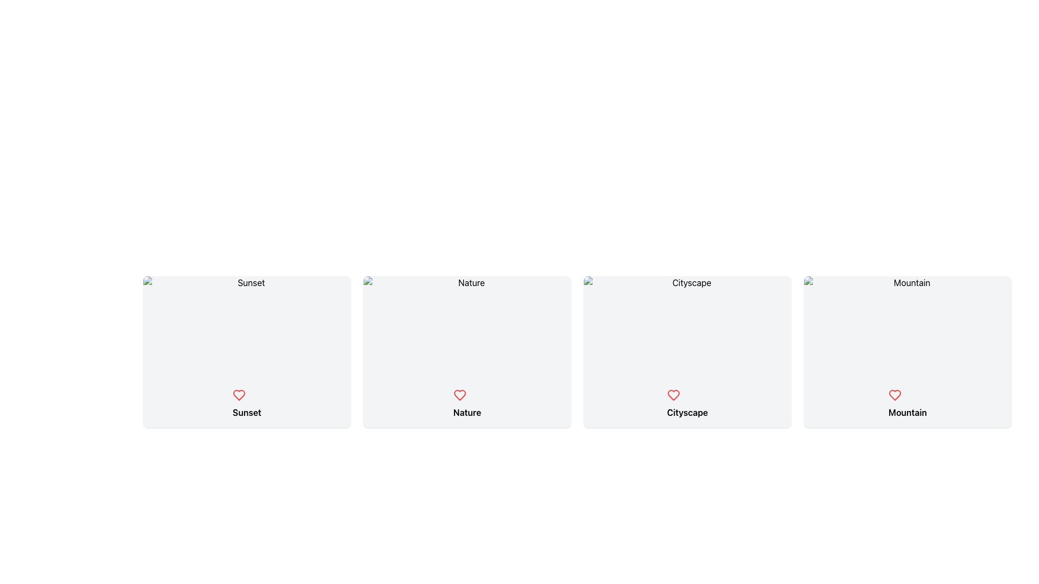 This screenshot has width=1039, height=584. I want to click on the 'Nature' card component, which is the second card in a horizontal list, positioned between 'Sunset' and 'Cityscape', so click(467, 404).